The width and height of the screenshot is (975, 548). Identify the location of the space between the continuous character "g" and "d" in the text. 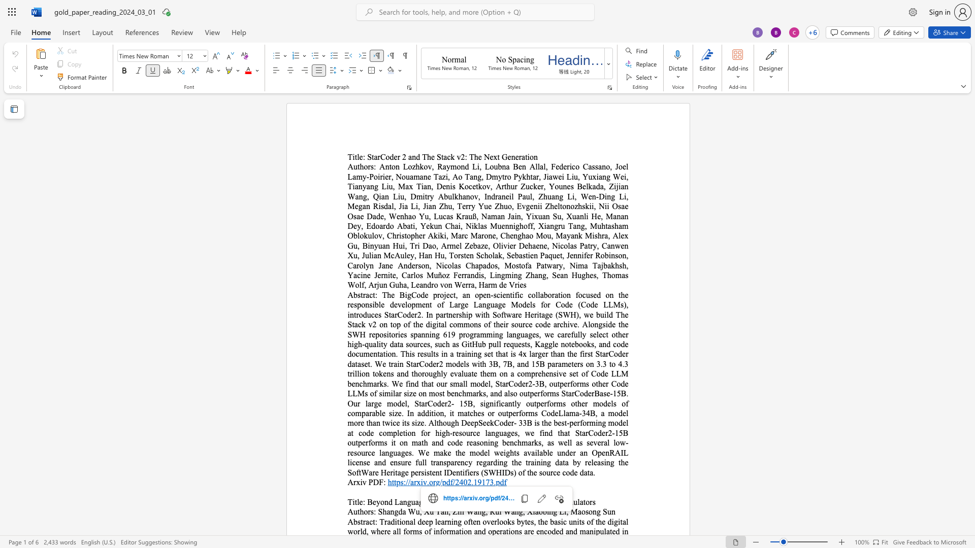
(398, 511).